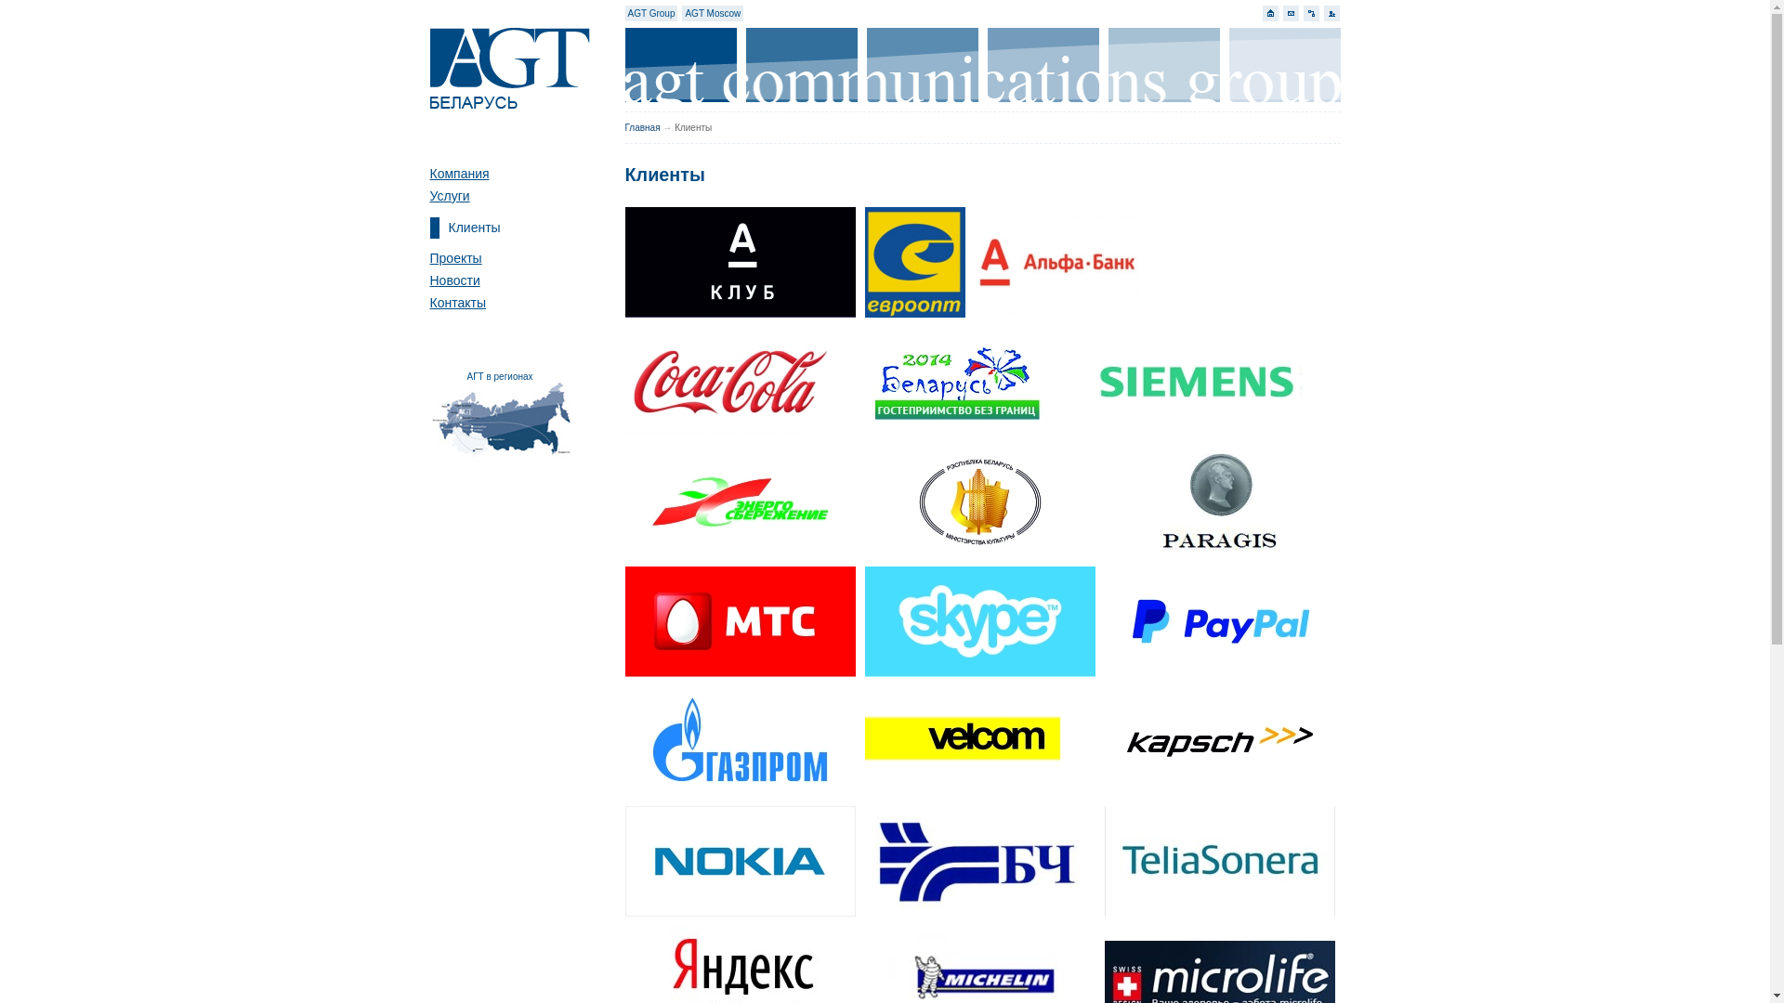  What do you see at coordinates (1104, 861) in the screenshot?
I see `'TeliaSonera'` at bounding box center [1104, 861].